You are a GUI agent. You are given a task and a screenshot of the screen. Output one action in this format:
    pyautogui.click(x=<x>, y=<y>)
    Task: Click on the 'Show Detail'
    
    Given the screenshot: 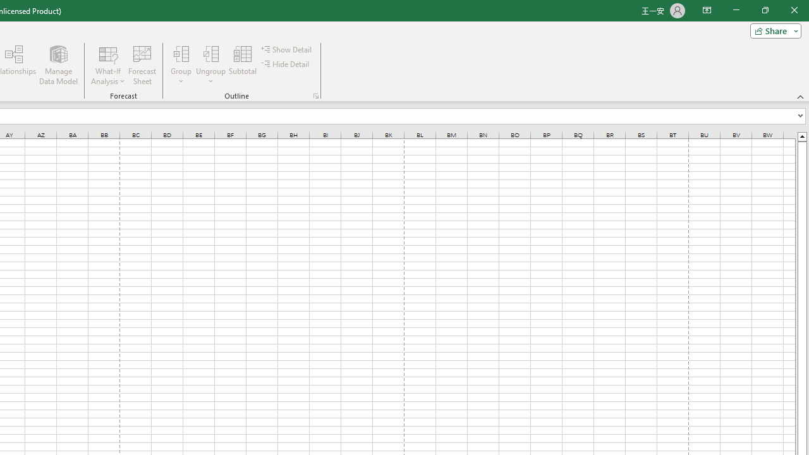 What is the action you would take?
    pyautogui.click(x=287, y=49)
    